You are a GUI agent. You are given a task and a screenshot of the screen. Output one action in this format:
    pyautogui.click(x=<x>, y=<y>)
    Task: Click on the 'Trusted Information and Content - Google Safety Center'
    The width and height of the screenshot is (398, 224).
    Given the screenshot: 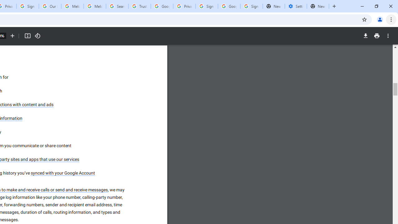 What is the action you would take?
    pyautogui.click(x=139, y=6)
    